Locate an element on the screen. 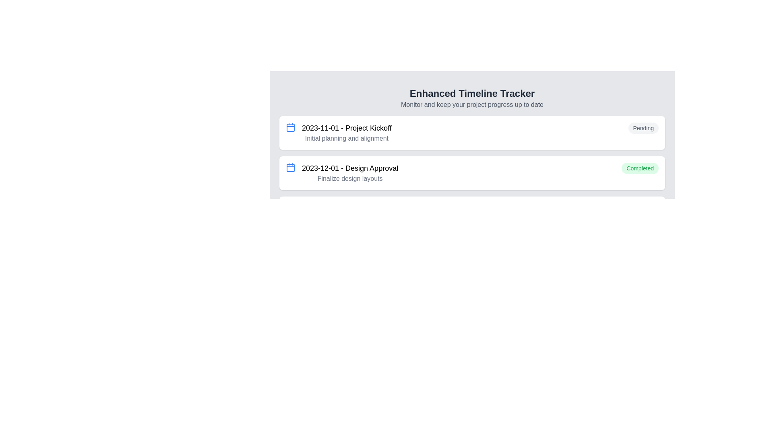 The image size is (773, 434). small rounded rectangle that is centrally located within the calendar icon in the timeline tracker interface for development purposes is located at coordinates (290, 167).